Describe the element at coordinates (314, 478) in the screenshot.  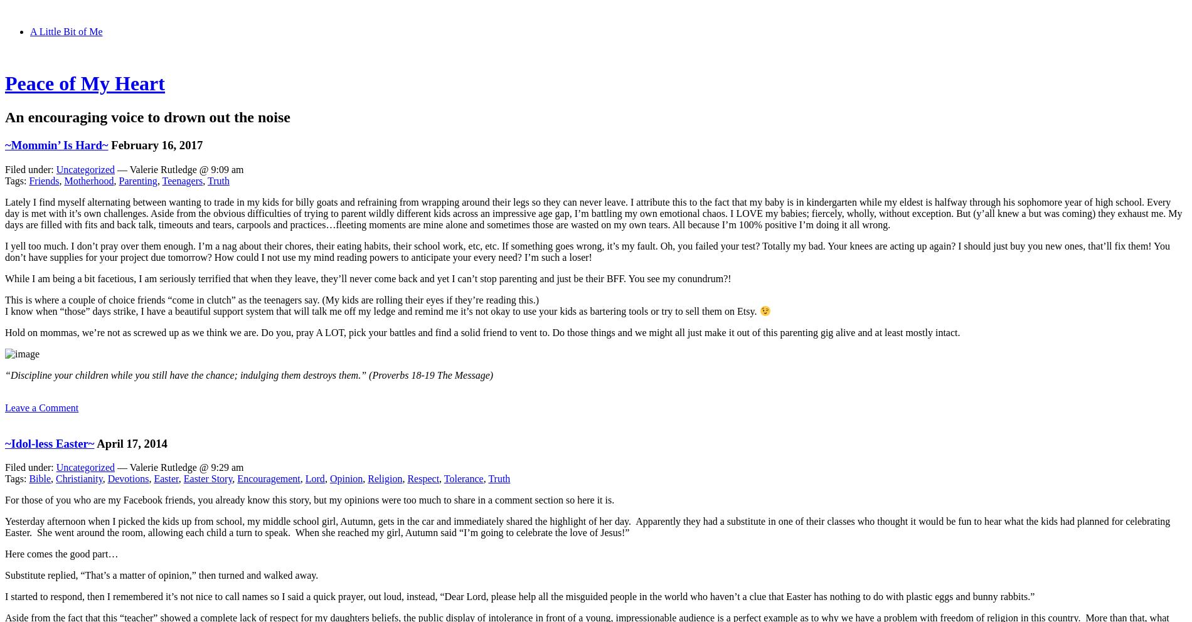
I see `'Lord'` at that location.